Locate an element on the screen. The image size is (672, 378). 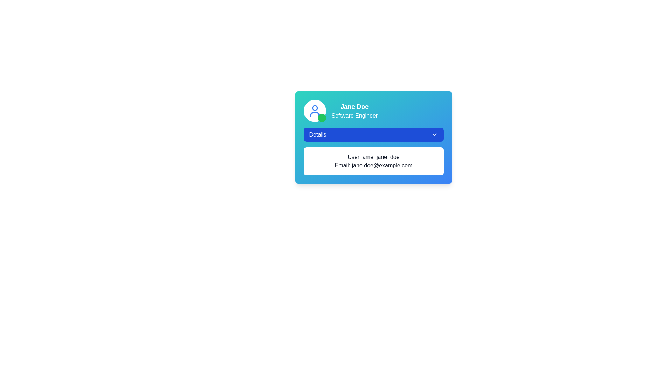
text from the text label displaying 'Jane Doe', which is bold and prominently positioned at the top section of the card layout is located at coordinates (355, 106).